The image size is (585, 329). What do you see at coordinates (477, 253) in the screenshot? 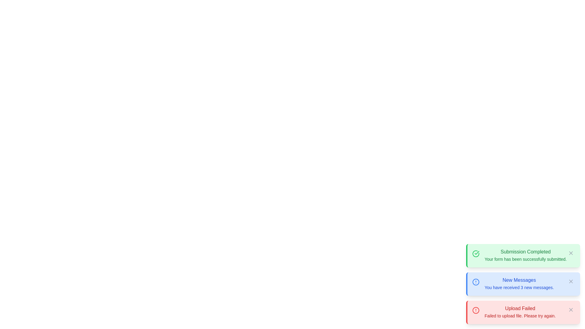
I see `the checkmark icon within the SVG graphic, which is part of the 'Submission Completed' notification card located at the top-left corner` at bounding box center [477, 253].